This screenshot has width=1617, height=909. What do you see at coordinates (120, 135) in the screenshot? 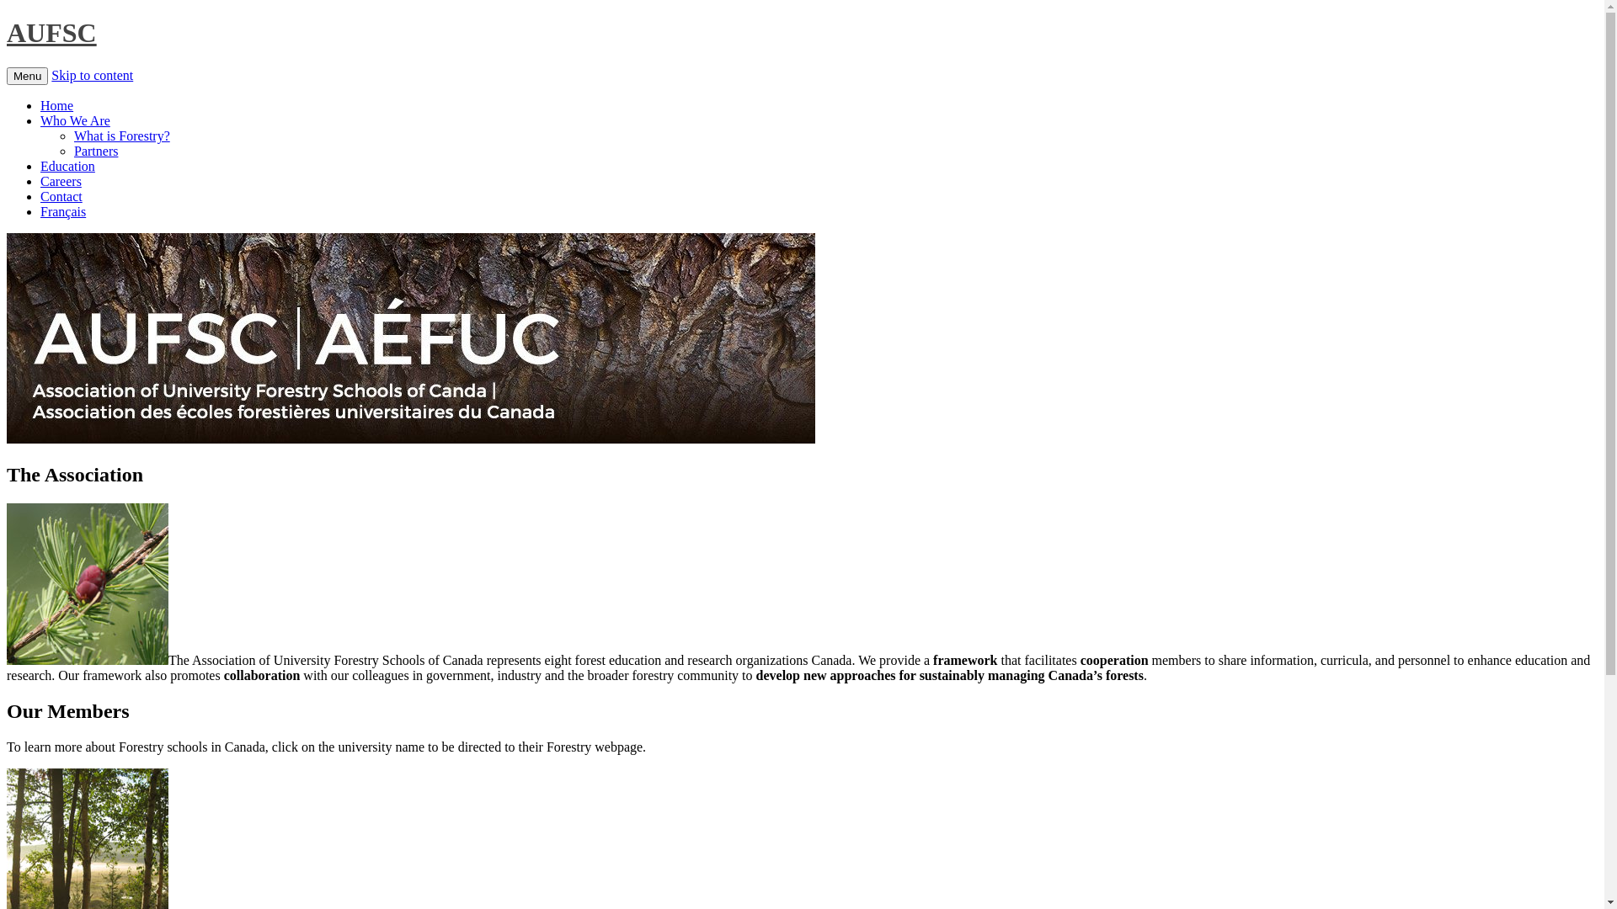
I see `'What is Forestry?'` at bounding box center [120, 135].